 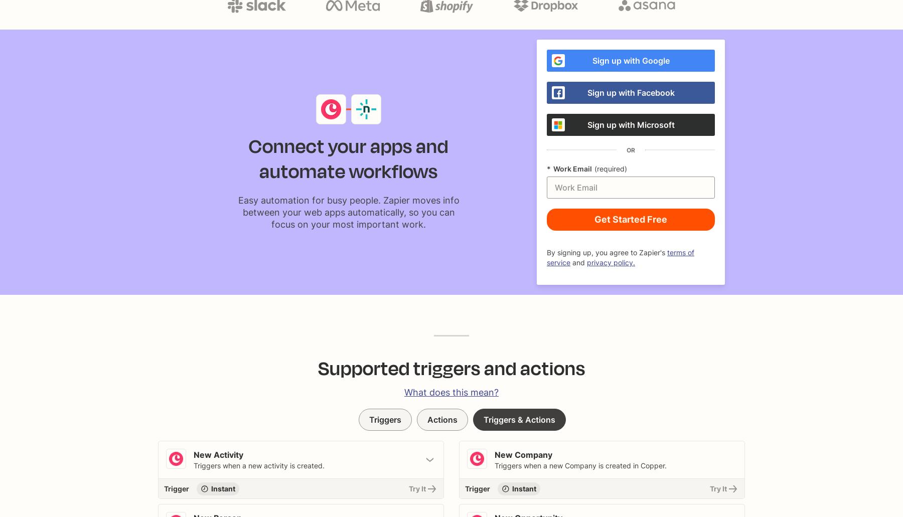 I want to click on 'Triggers', so click(x=385, y=419).